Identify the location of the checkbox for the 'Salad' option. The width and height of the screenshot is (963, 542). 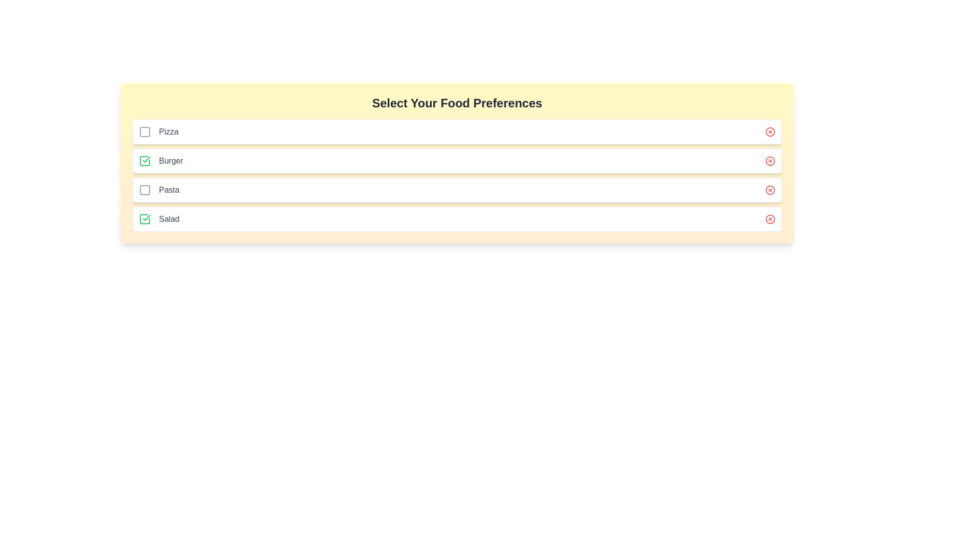
(144, 218).